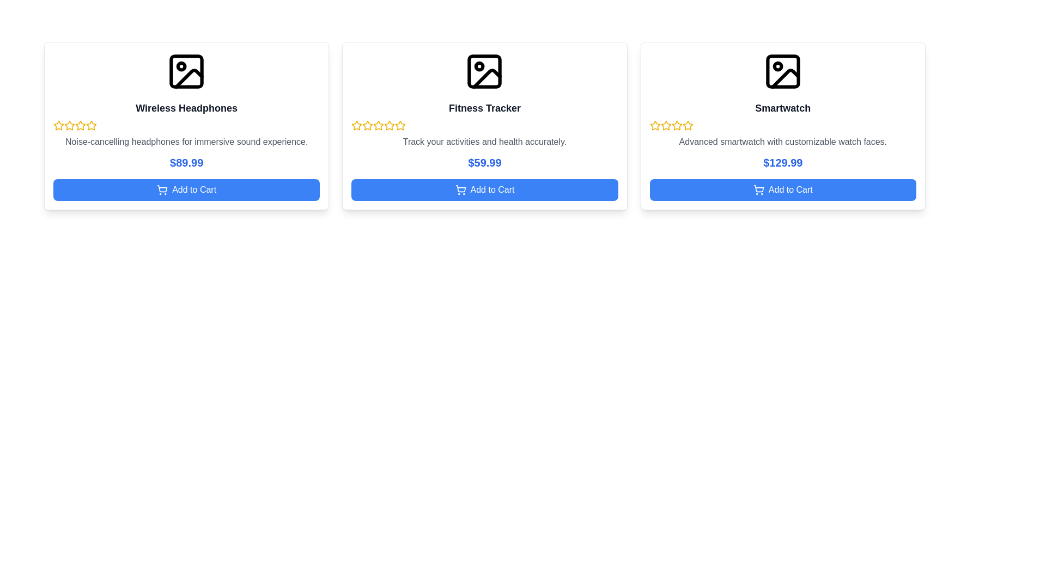 The height and width of the screenshot is (588, 1046). I want to click on the 'Fitness Tracker' label, which is styled with a bold and large font and located at the center-top area of its card layout, so click(484, 108).